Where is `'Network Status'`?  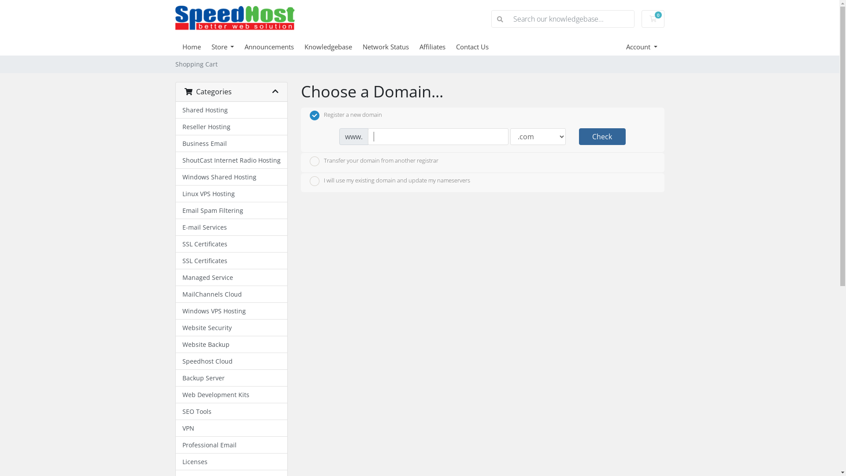
'Network Status' is located at coordinates (390, 46).